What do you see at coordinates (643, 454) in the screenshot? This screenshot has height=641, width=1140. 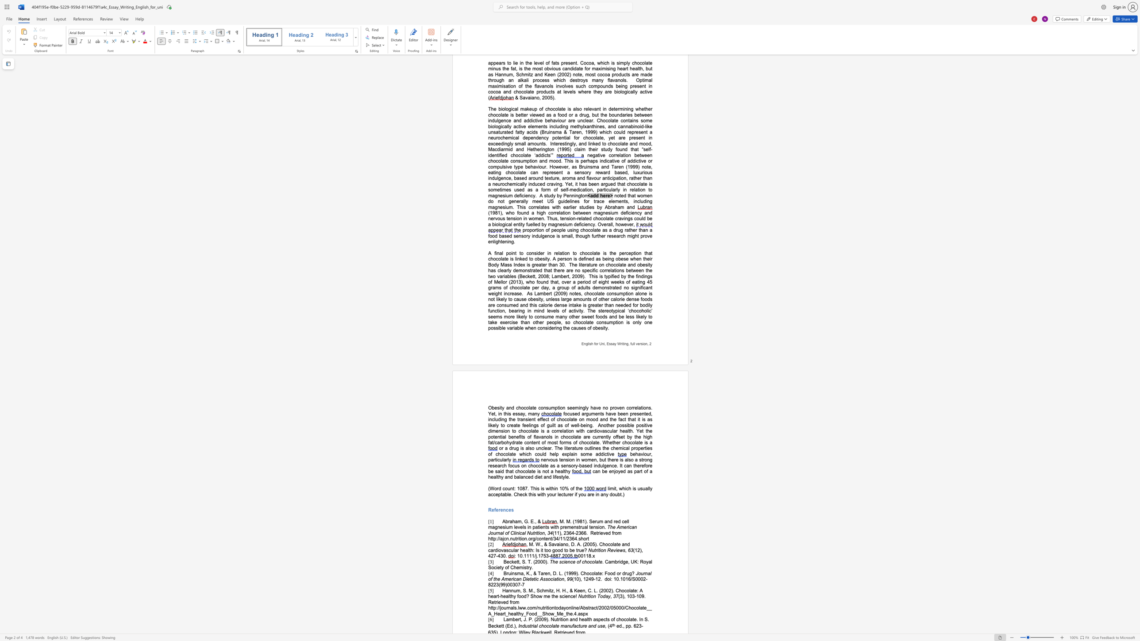 I see `the subset text "our, parti" within the text "behaviour, particularly"` at bounding box center [643, 454].